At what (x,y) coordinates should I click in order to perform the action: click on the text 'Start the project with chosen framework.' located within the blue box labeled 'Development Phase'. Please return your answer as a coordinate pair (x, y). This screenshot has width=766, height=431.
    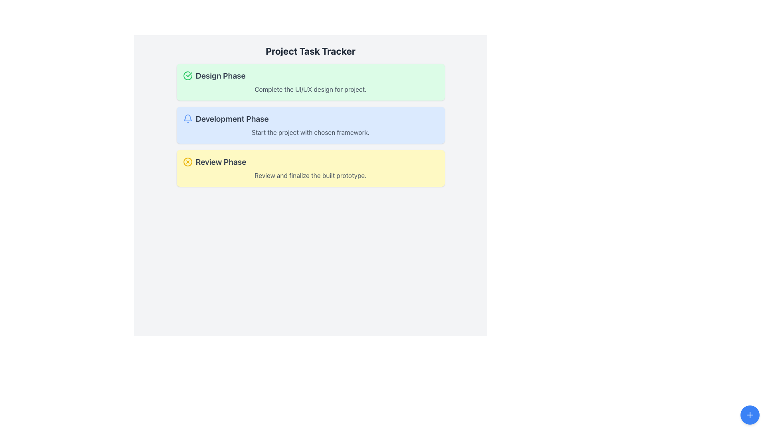
    Looking at the image, I should click on (310, 132).